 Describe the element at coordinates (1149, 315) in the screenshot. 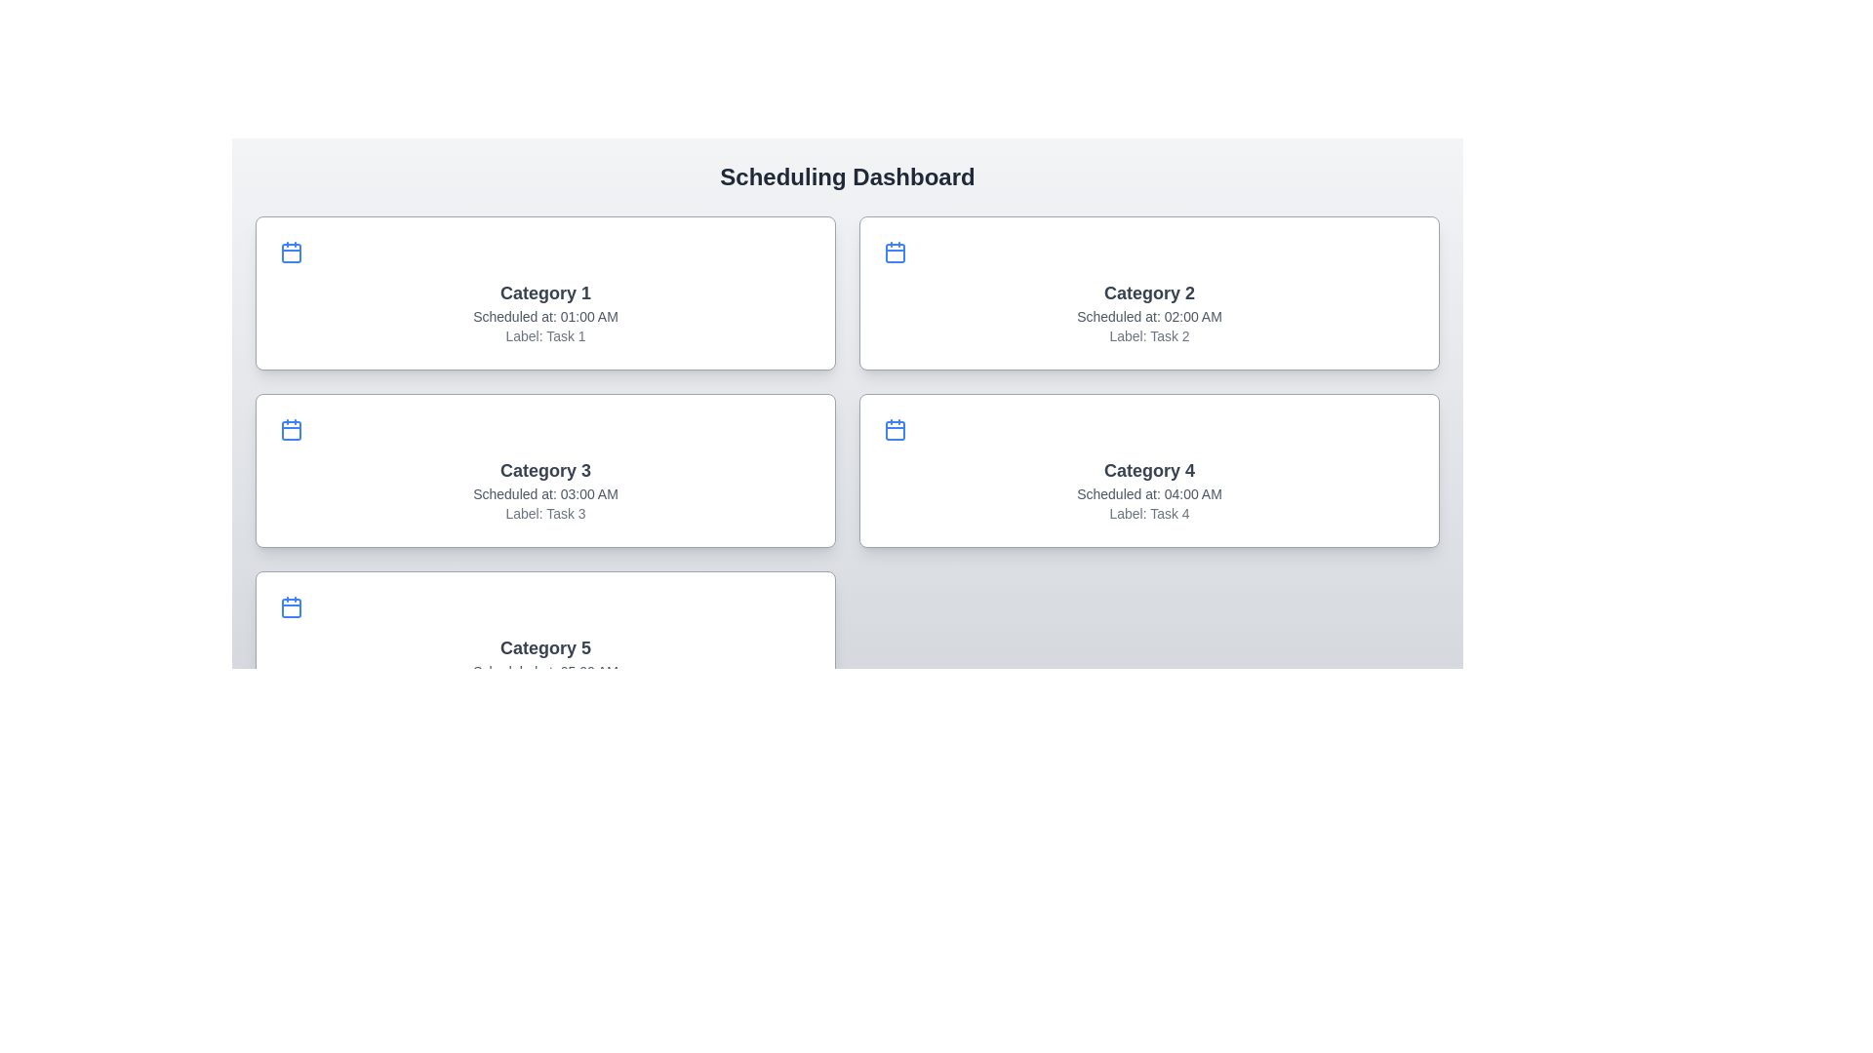

I see `text content of the scheduling information label indicating '02:00 AM' located below the title 'Category 2' and above 'Label: Task 2' within the 'Category 2' card` at that location.